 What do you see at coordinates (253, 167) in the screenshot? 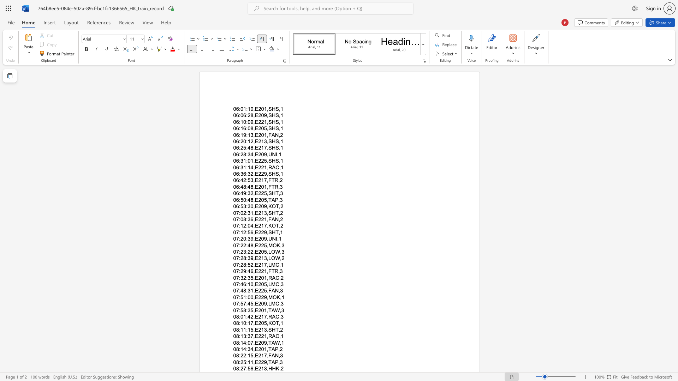
I see `the subset text ",E221," within the text "06:31:14,E221,RAC,1"` at bounding box center [253, 167].